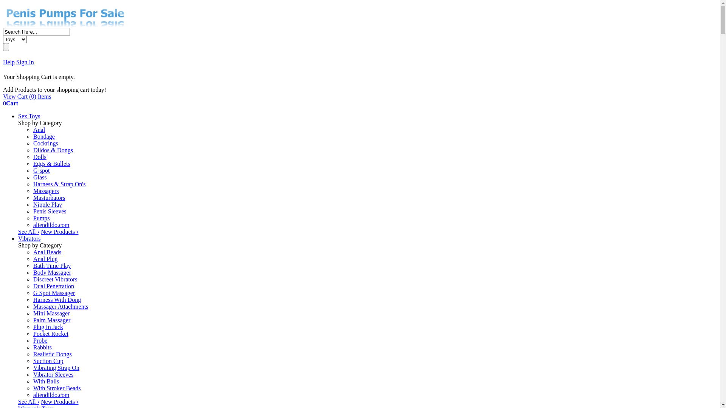 The height and width of the screenshot is (408, 726). What do you see at coordinates (60, 306) in the screenshot?
I see `'Massager Attachments'` at bounding box center [60, 306].